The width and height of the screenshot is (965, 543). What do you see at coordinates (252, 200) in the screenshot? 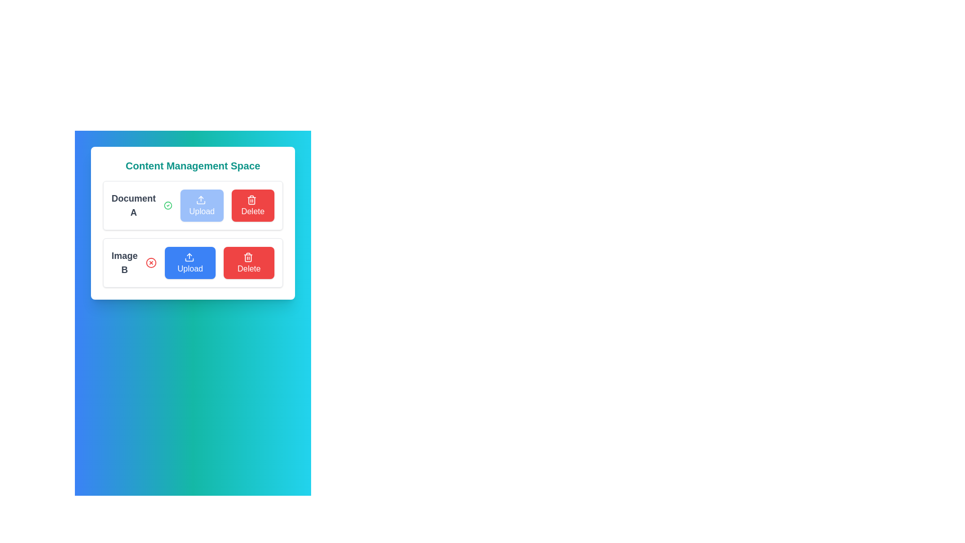
I see `the trash bin icon with a red background representing the 'Delete' action located at the top-right corner of the 'Delete' button for 'Image B'` at bounding box center [252, 200].